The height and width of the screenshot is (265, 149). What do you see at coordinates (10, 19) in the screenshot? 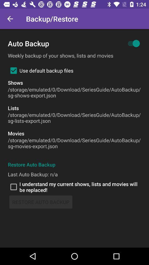
I see `the item to the left of backup/restore item` at bounding box center [10, 19].